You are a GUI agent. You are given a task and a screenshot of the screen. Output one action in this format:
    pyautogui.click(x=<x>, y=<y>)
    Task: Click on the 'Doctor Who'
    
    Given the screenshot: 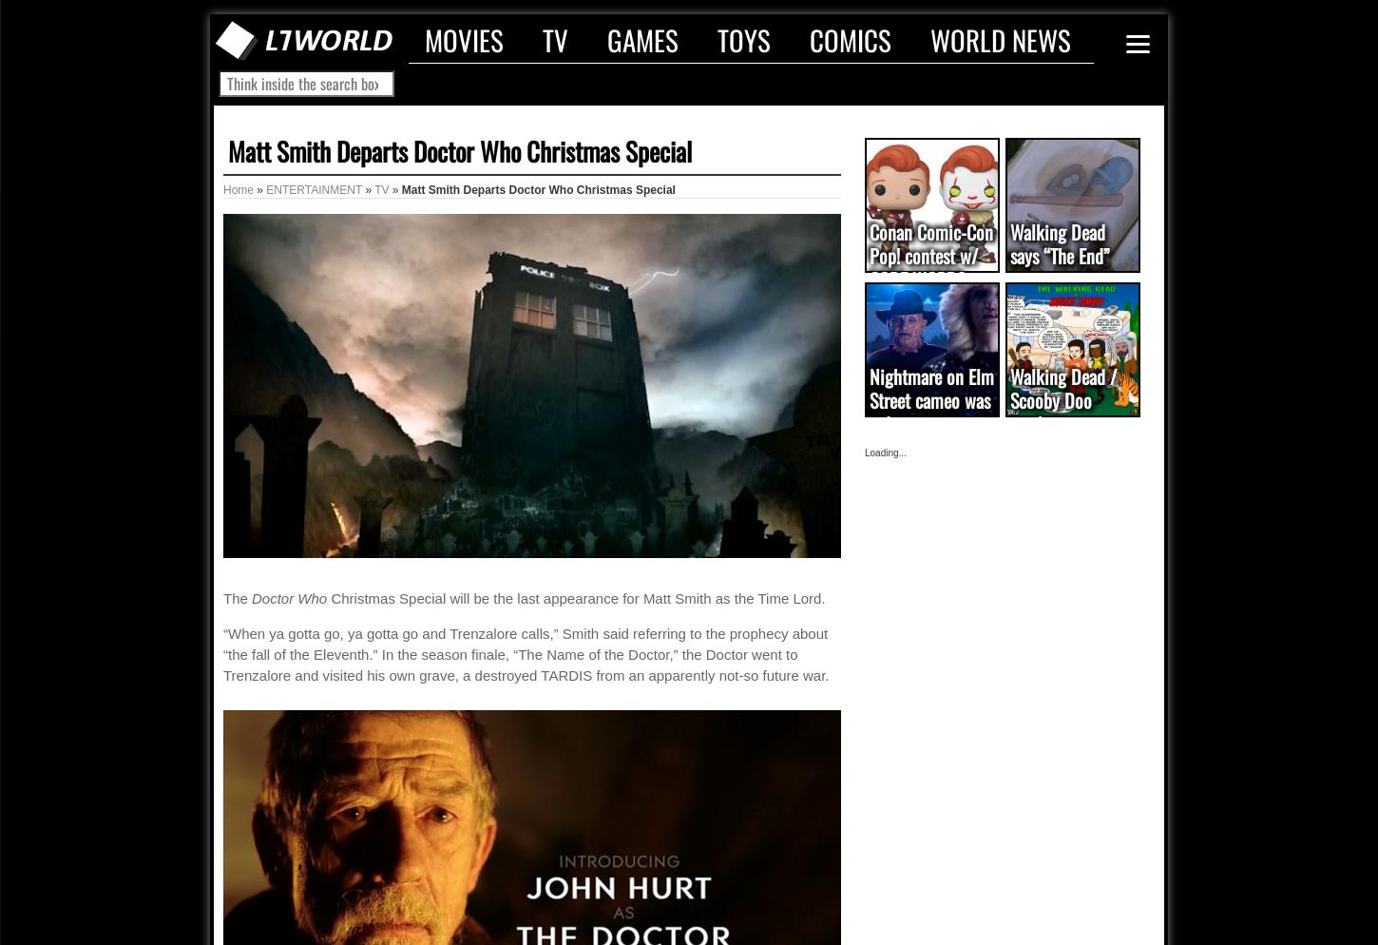 What is the action you would take?
    pyautogui.click(x=252, y=597)
    